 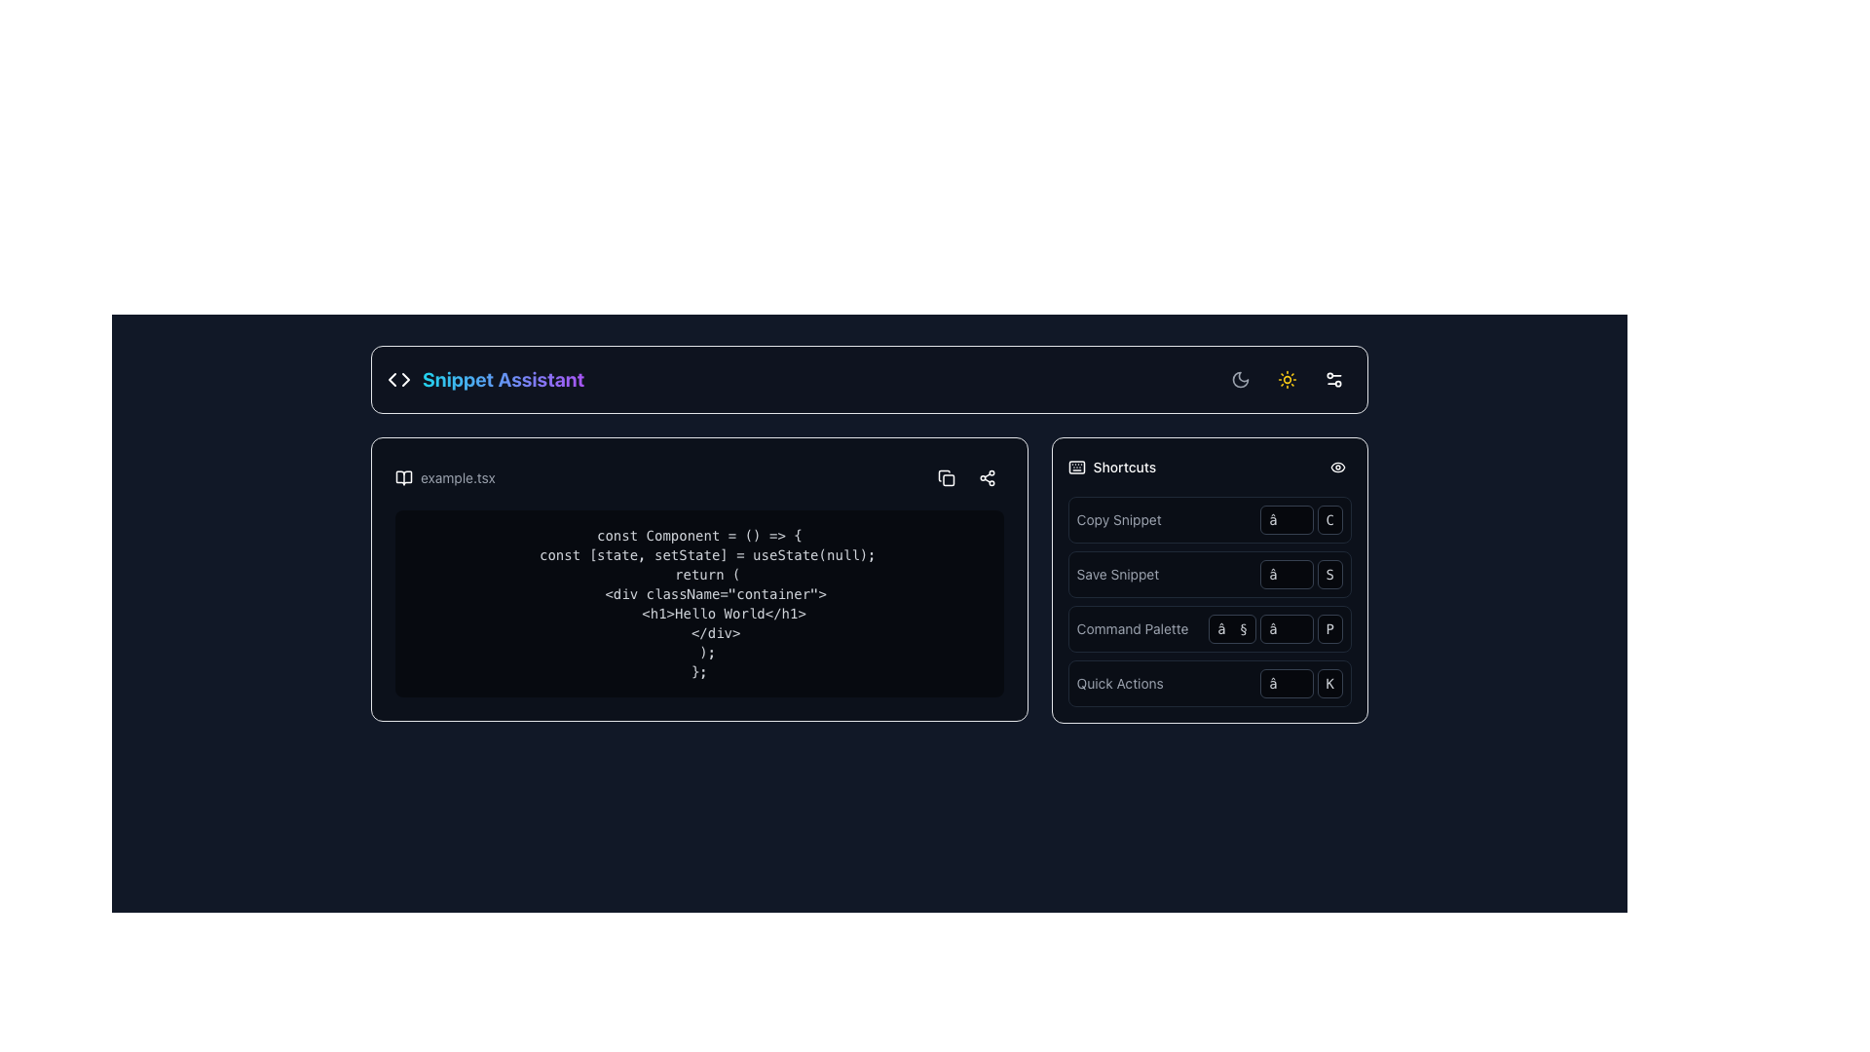 What do you see at coordinates (1112, 467) in the screenshot?
I see `the 'Shortcuts' label with a cyan keyboard icon located in the upper right section of the card-like interface` at bounding box center [1112, 467].